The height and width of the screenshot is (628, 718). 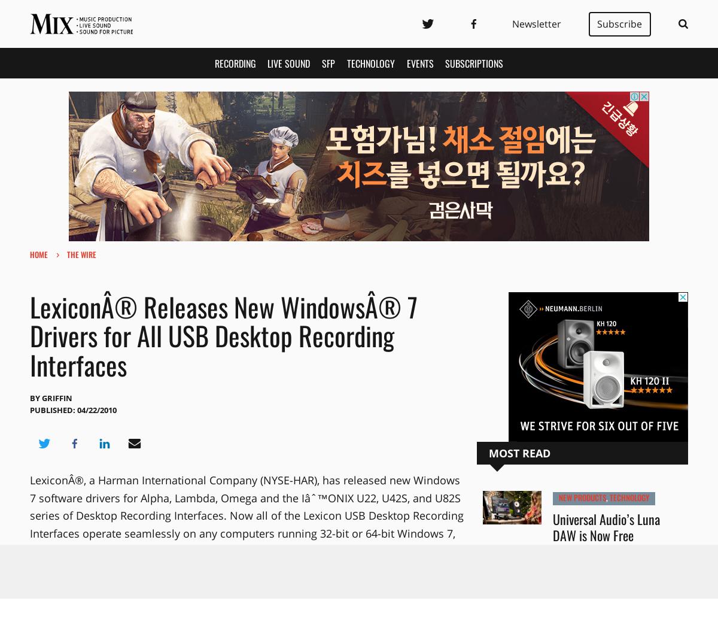 I want to click on 'Events', so click(x=419, y=62).